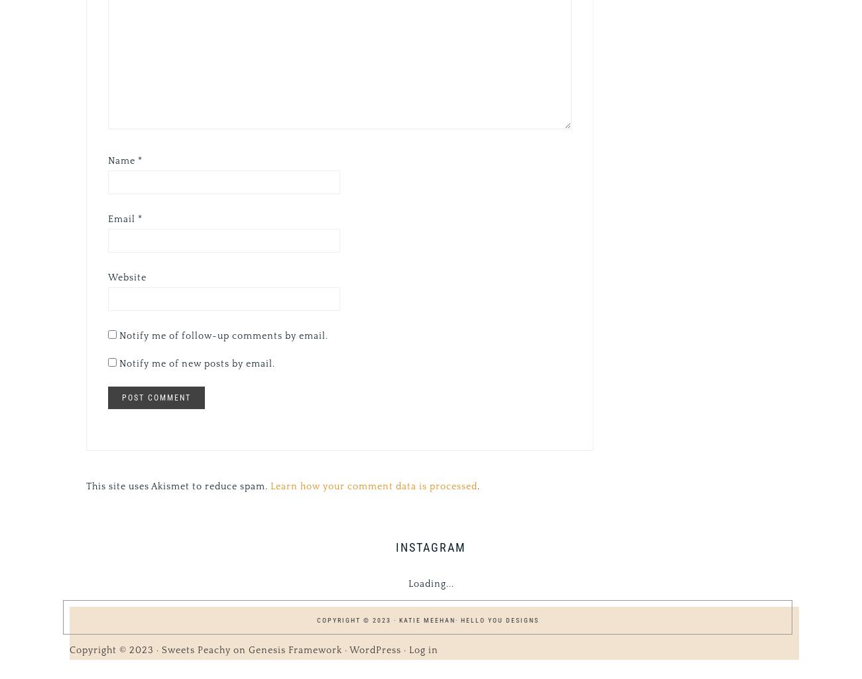 This screenshot has width=862, height=679. What do you see at coordinates (387, 619) in the screenshot?
I see `'Copyright © 2023 · Katie Meehan·'` at bounding box center [387, 619].